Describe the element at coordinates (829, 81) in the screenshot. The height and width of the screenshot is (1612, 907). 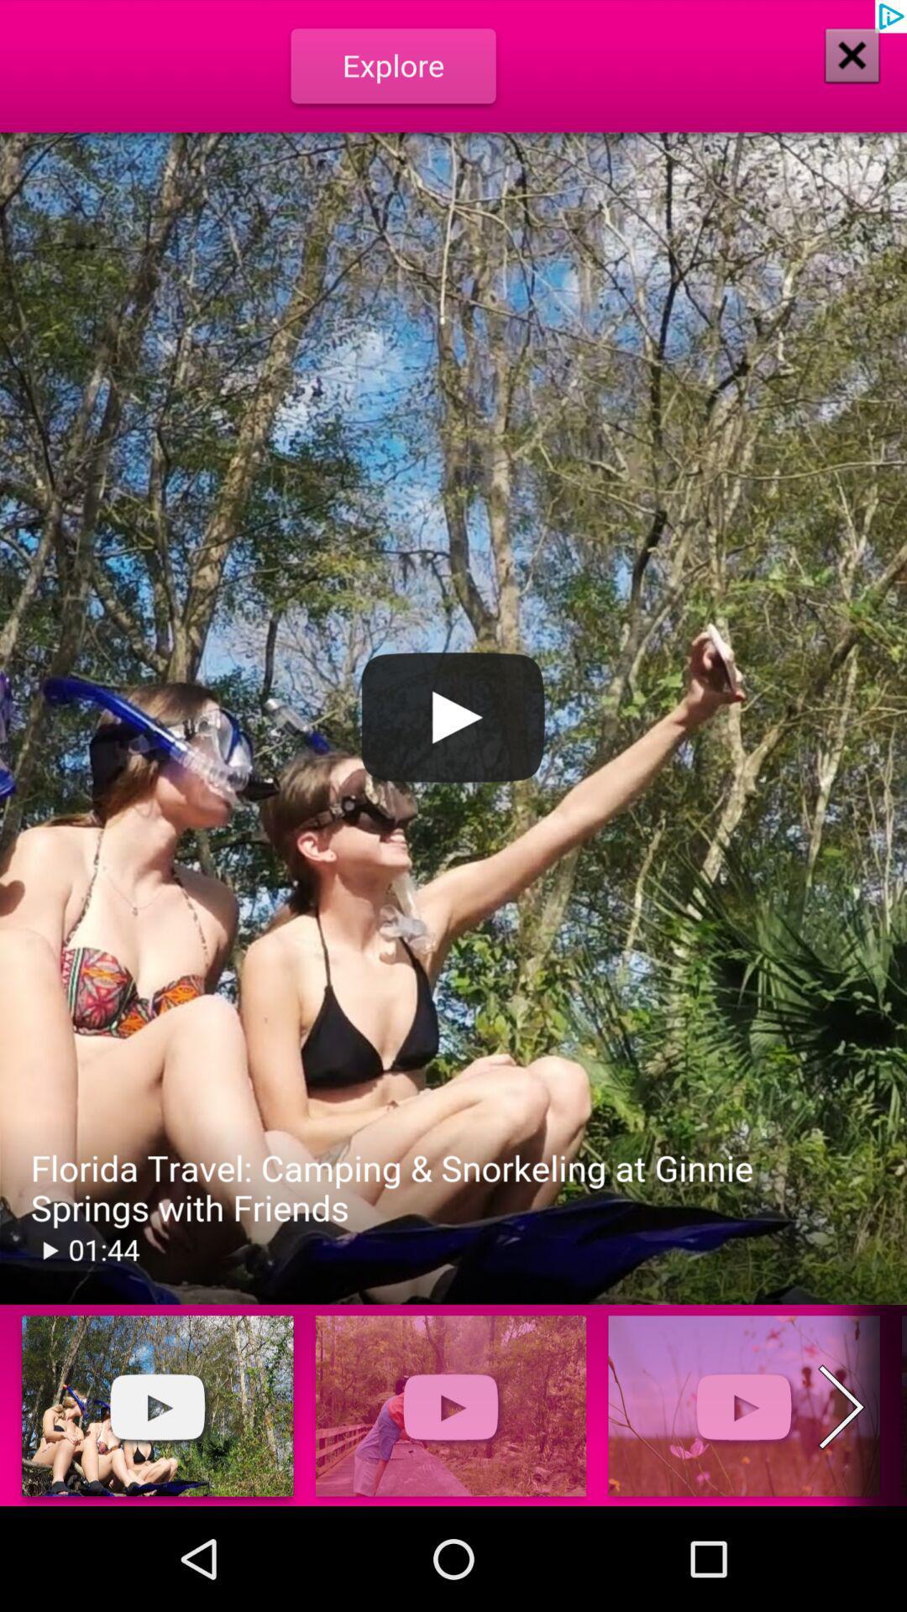
I see `the close icon` at that location.